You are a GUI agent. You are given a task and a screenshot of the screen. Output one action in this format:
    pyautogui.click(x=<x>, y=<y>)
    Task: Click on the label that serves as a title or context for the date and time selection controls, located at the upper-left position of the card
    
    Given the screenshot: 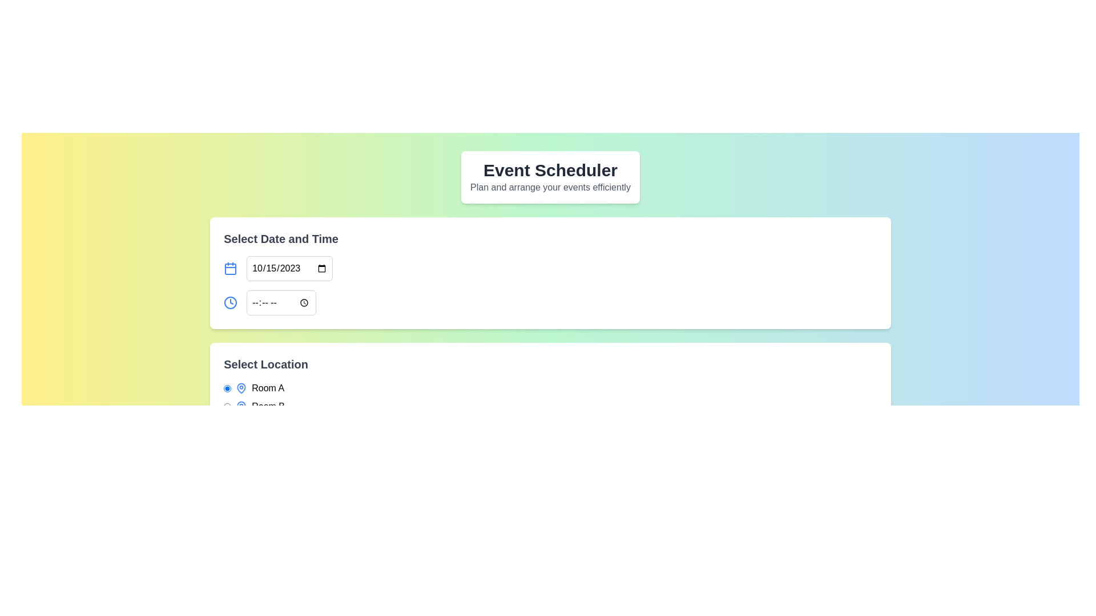 What is the action you would take?
    pyautogui.click(x=281, y=238)
    